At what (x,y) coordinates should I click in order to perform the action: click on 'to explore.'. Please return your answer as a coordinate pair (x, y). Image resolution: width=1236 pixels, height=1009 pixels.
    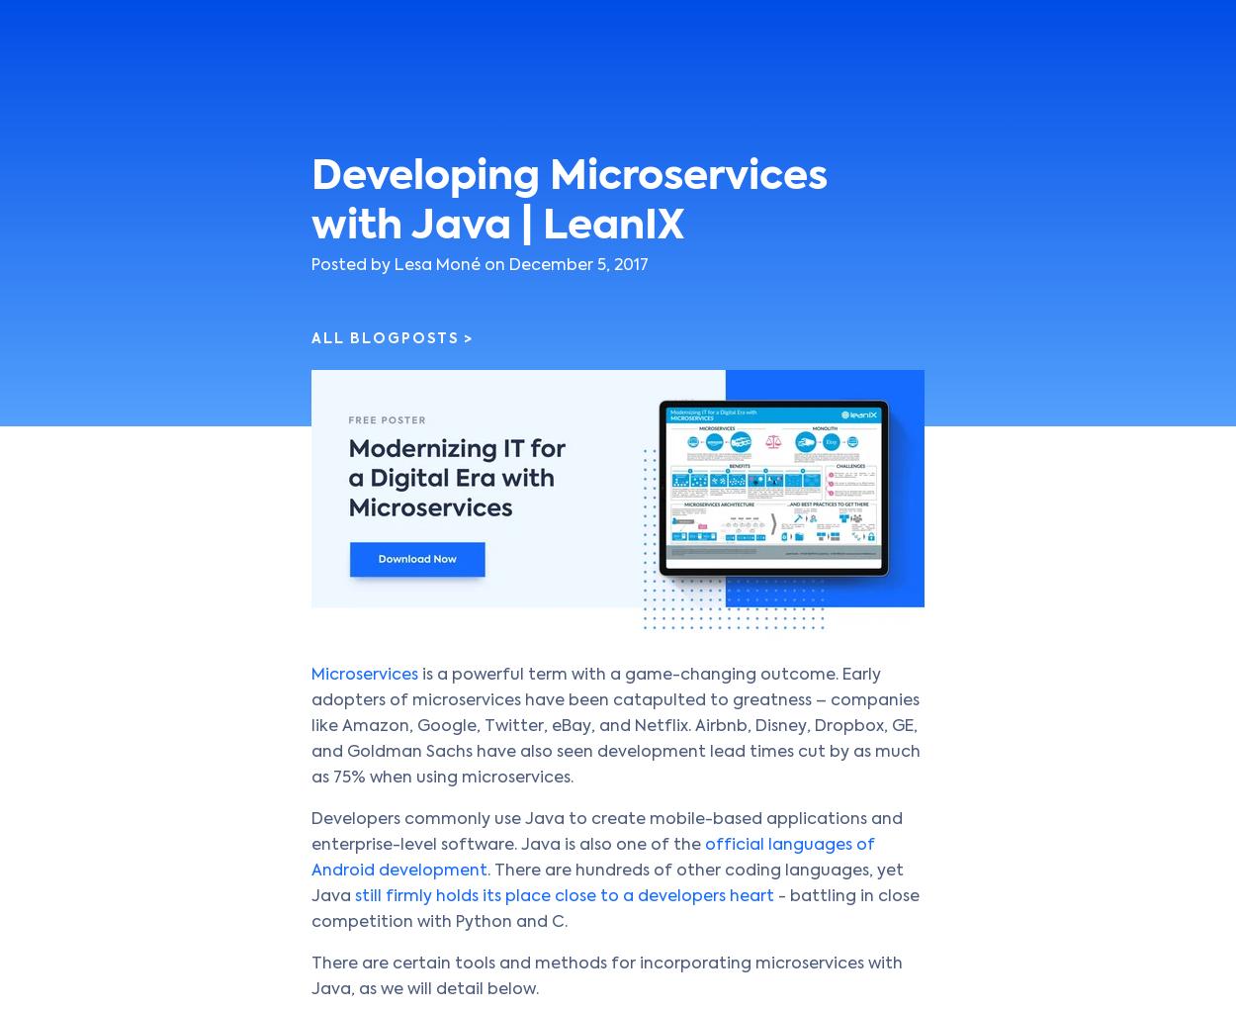
    Looking at the image, I should click on (596, 99).